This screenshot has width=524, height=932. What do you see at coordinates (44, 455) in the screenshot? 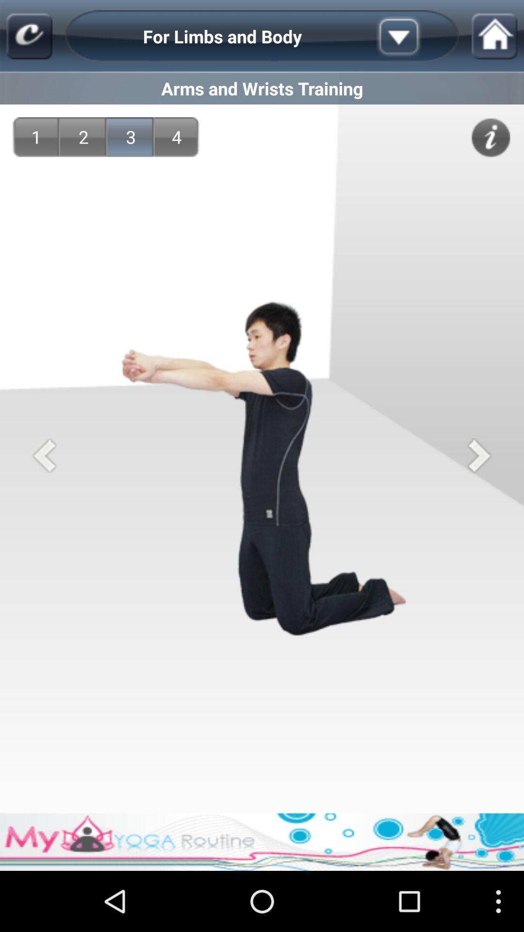
I see `previous step` at bounding box center [44, 455].